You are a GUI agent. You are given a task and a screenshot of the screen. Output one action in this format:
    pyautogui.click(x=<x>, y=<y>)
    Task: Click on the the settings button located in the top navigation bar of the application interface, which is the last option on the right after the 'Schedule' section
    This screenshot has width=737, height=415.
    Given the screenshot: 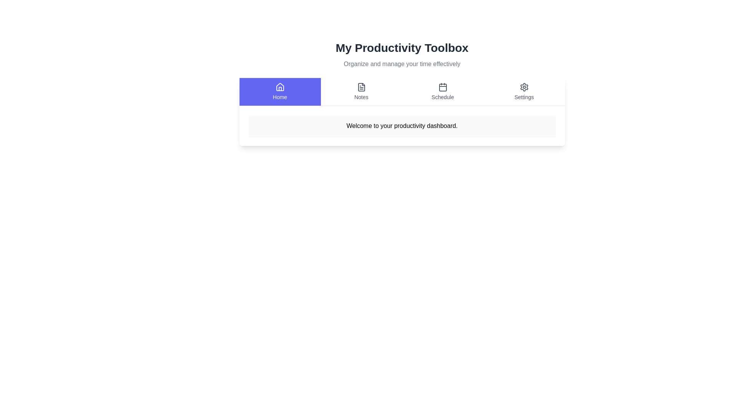 What is the action you would take?
    pyautogui.click(x=524, y=91)
    